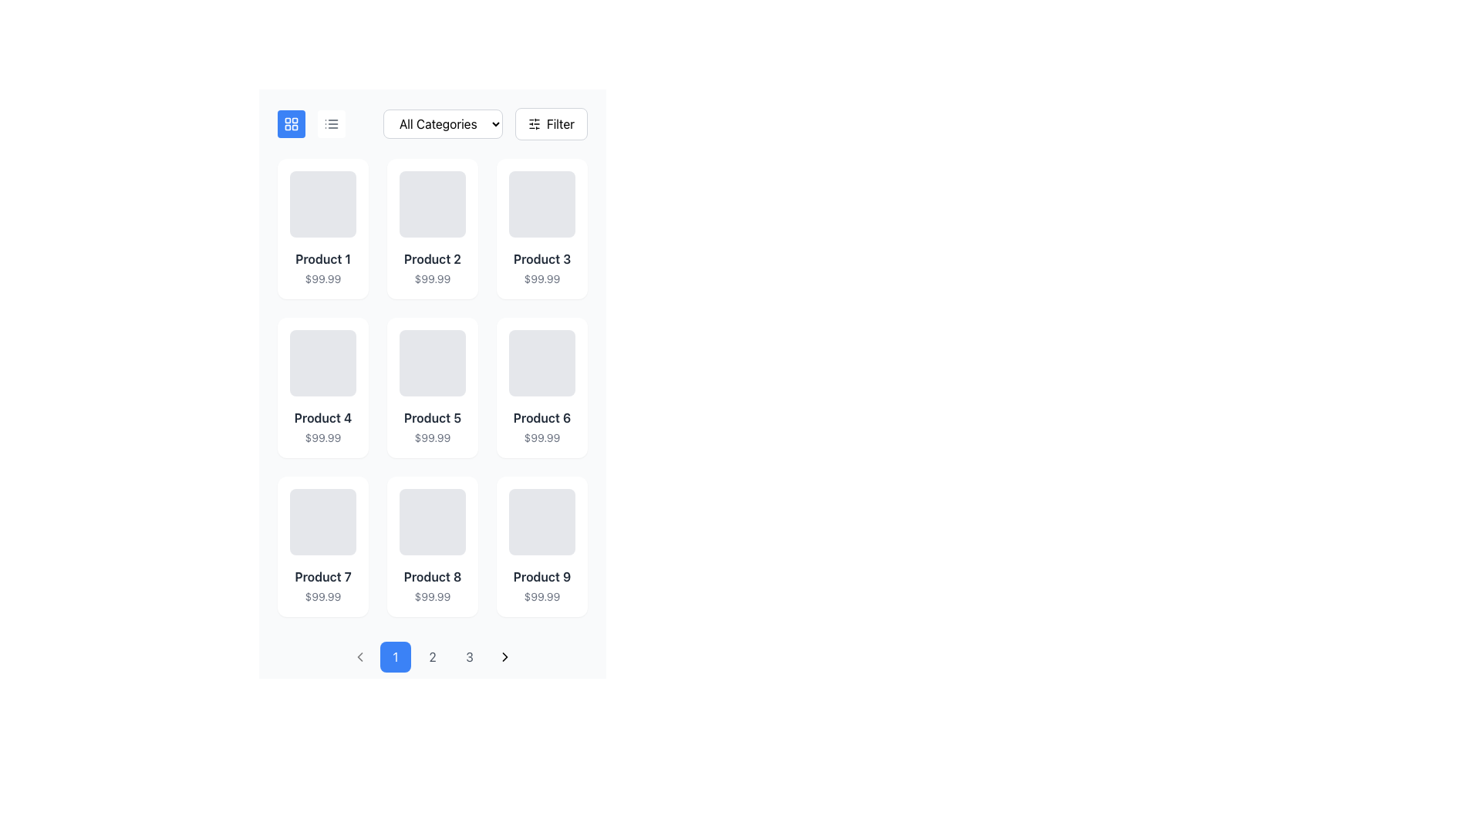  I want to click on the 'Product 7' text label, which is a bold dark gray label located in the third row and first column of the grid layout, above the price label '$99.99', so click(322, 577).